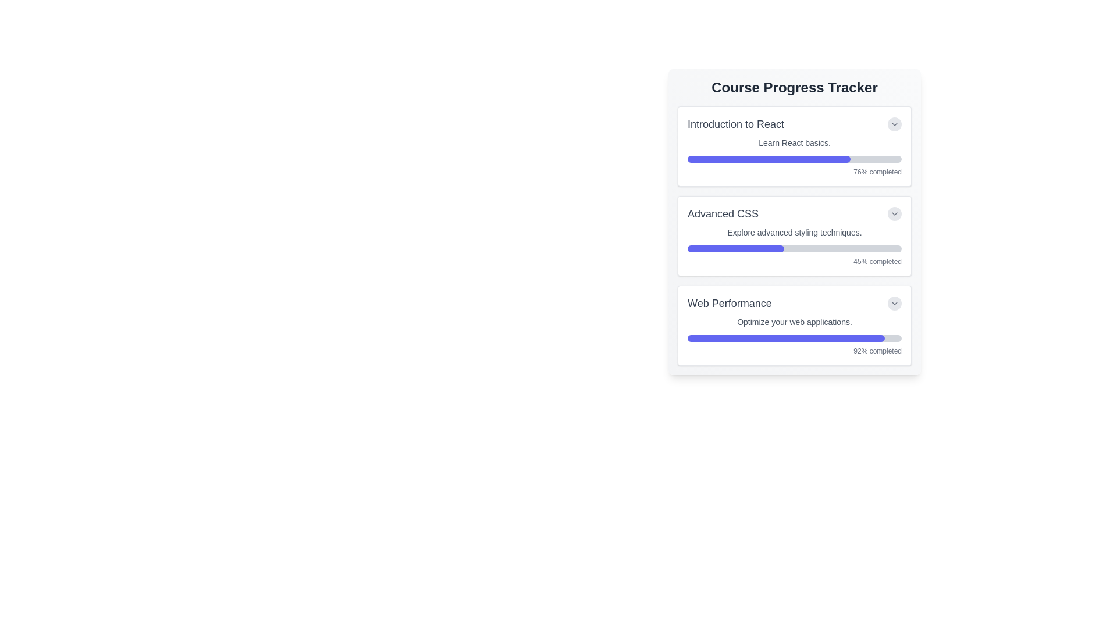 This screenshot has height=628, width=1117. What do you see at coordinates (794, 248) in the screenshot?
I see `the completion status of the 'Advanced CSS' course progress bar, which indicates 45% completion` at bounding box center [794, 248].